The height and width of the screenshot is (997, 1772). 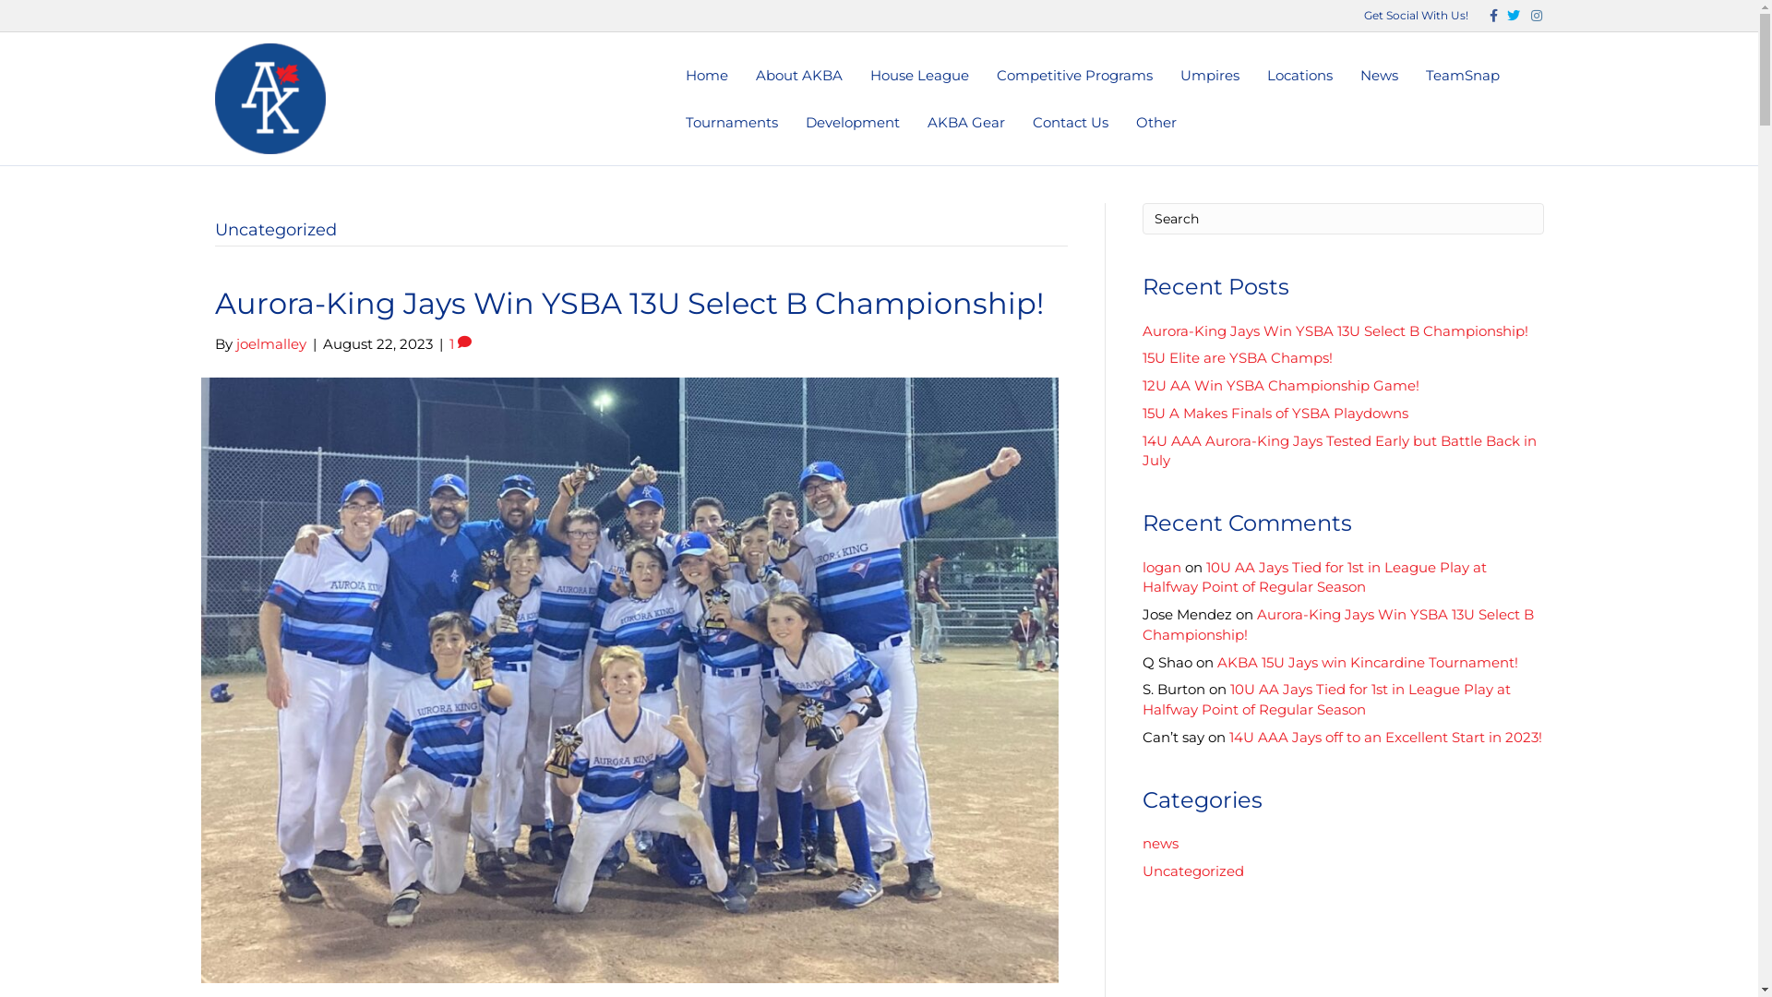 What do you see at coordinates (1485, 14) in the screenshot?
I see `'Facebook'` at bounding box center [1485, 14].